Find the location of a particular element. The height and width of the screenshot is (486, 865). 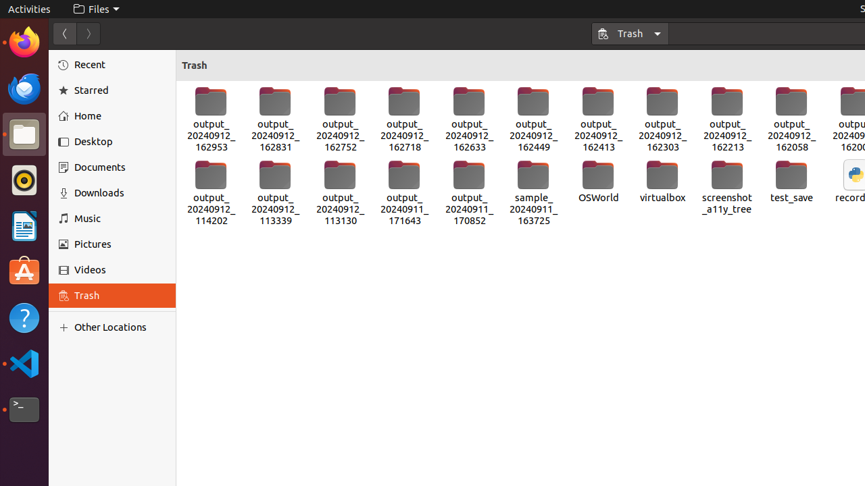

'Desktop' is located at coordinates (120, 142).